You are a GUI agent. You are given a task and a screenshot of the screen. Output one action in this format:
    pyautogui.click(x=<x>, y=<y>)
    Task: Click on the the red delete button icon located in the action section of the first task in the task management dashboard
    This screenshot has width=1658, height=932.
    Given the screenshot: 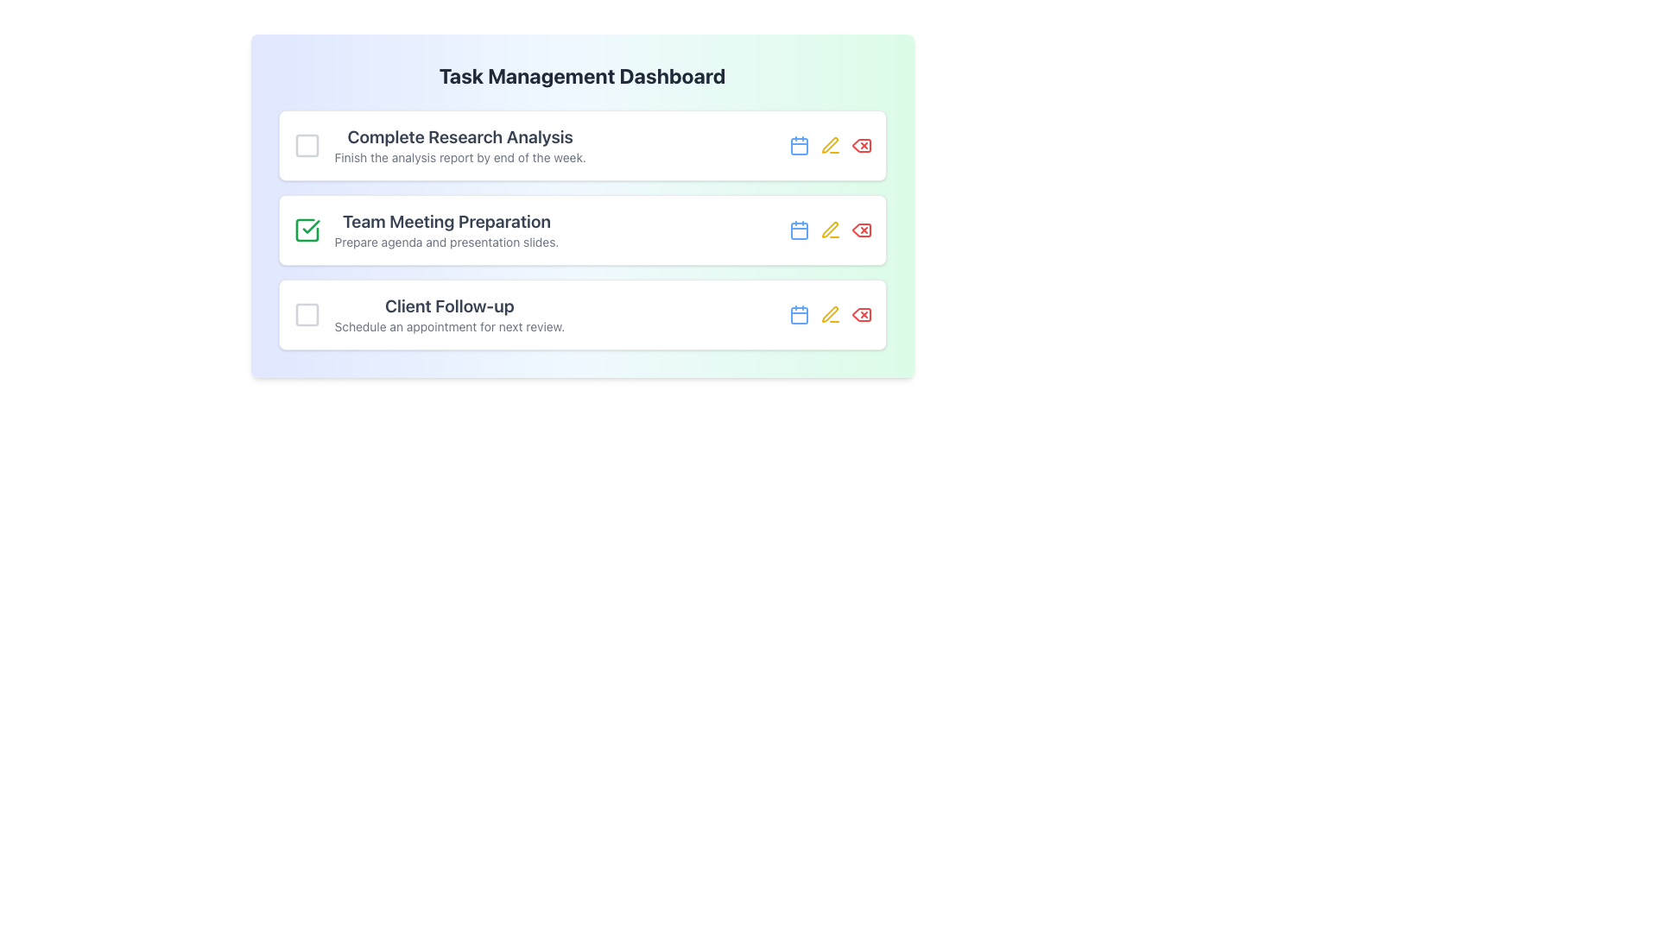 What is the action you would take?
    pyautogui.click(x=861, y=145)
    